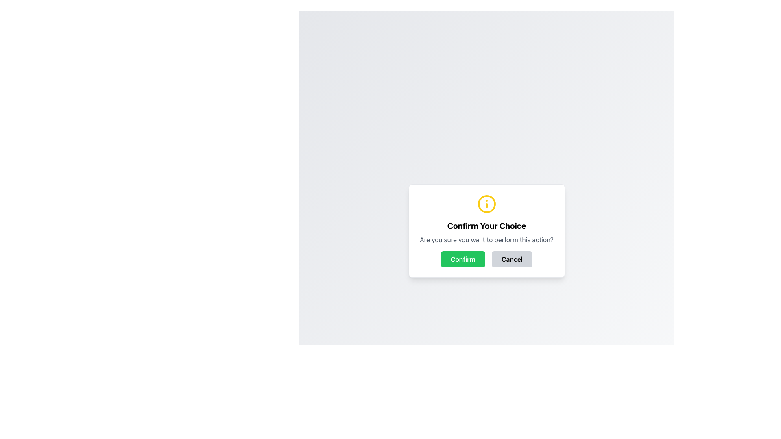 The image size is (781, 439). Describe the element at coordinates (486, 239) in the screenshot. I see `confirmation prompt text located in the modal, positioned below the title 'Confirm Your Choice' and above the 'Confirm' and 'Cancel' buttons` at that location.